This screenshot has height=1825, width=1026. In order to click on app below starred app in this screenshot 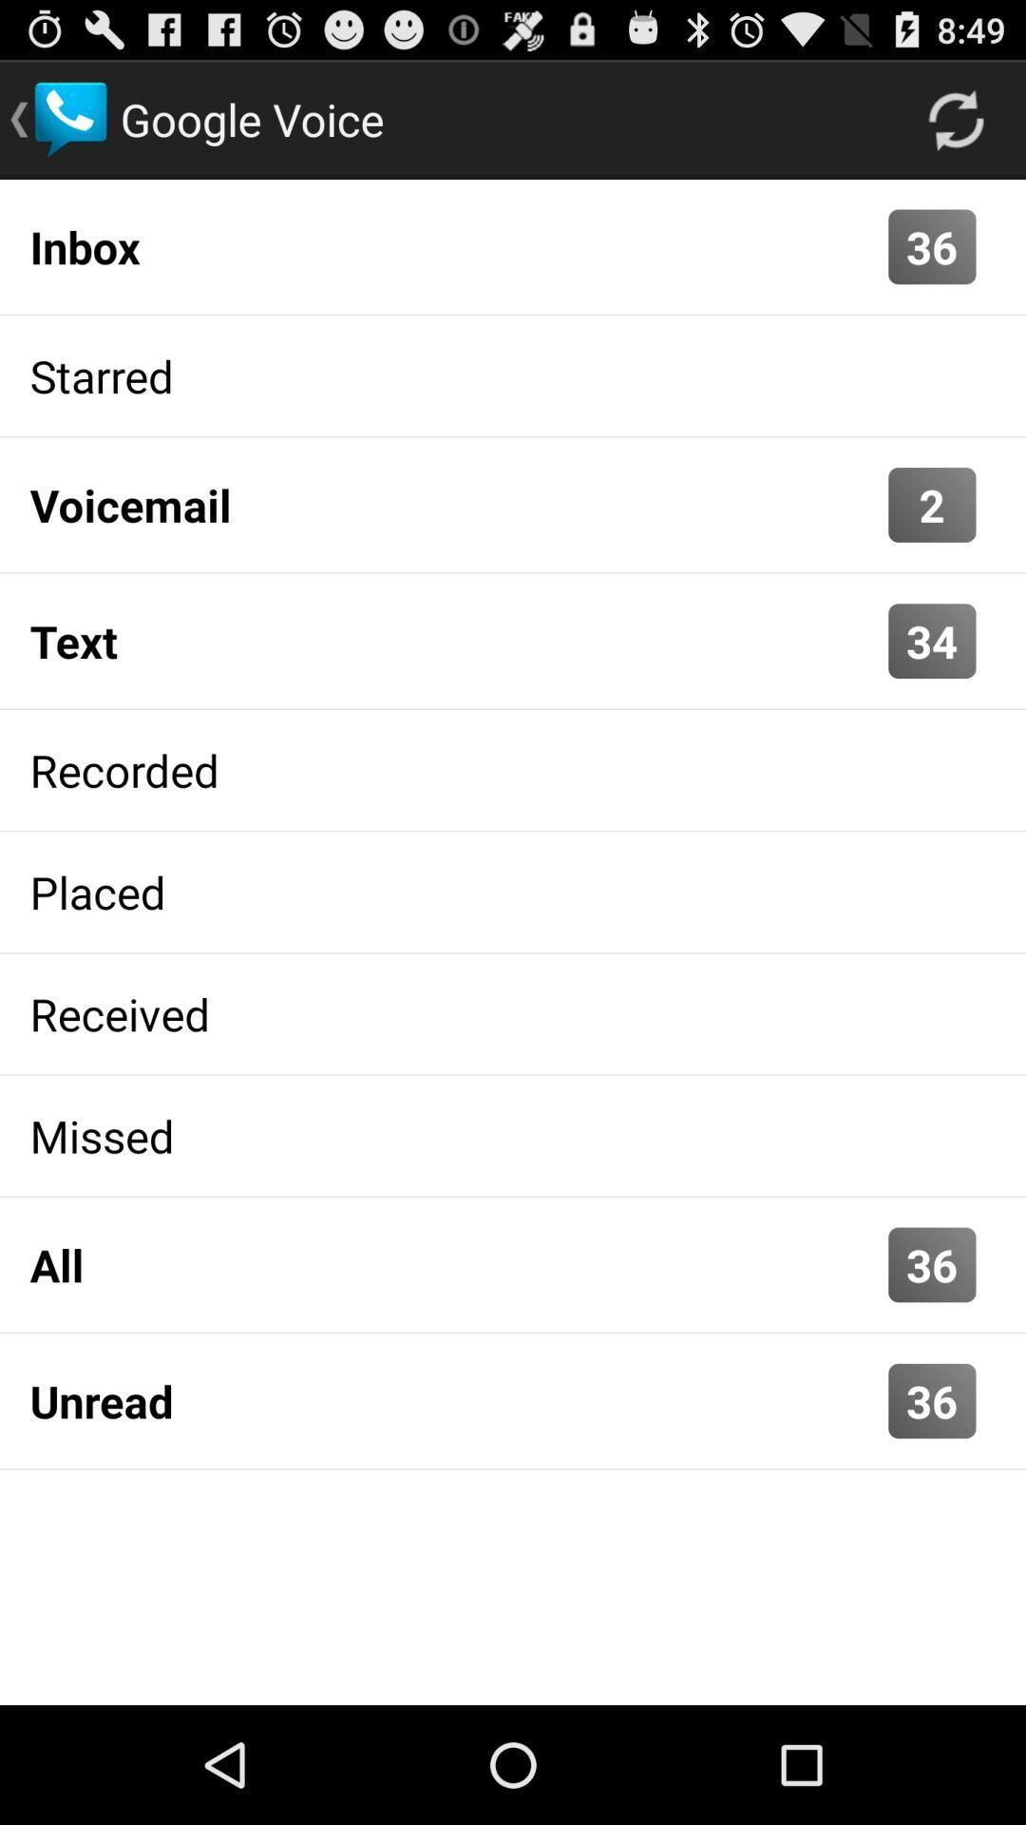, I will do `click(931, 505)`.